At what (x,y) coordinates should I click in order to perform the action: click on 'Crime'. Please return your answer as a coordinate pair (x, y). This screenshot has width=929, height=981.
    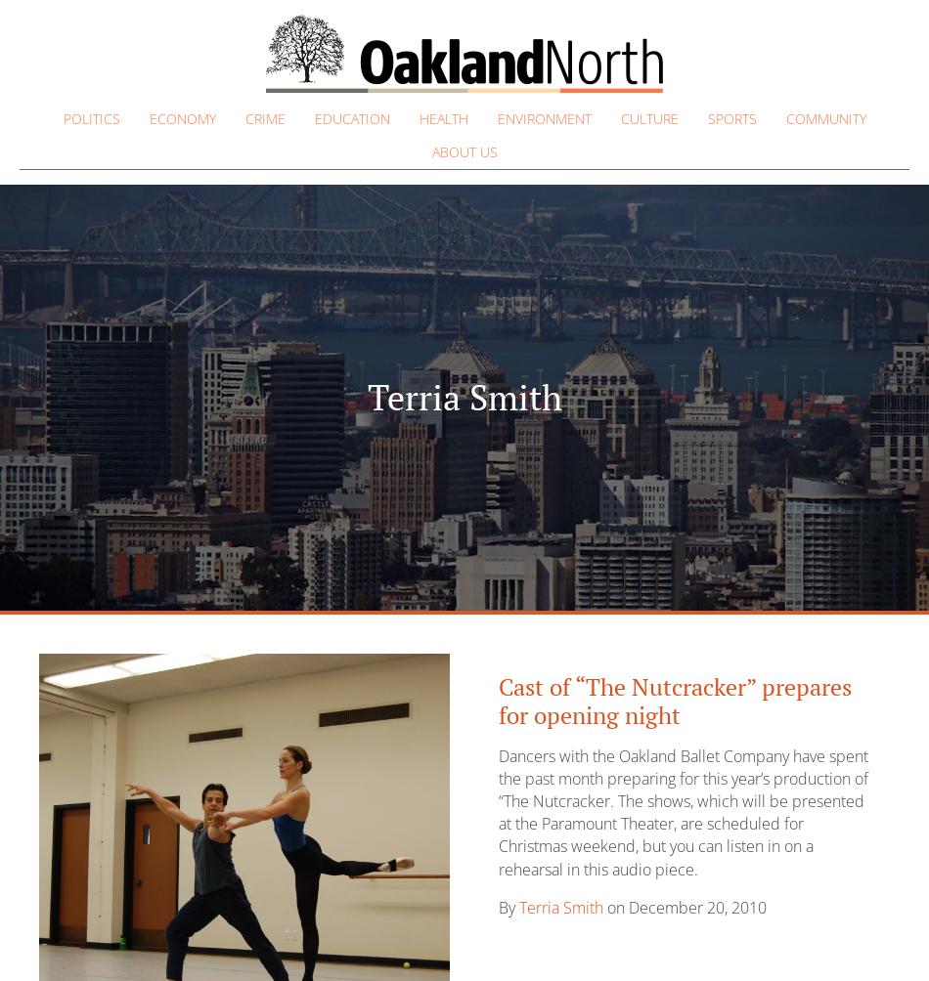
    Looking at the image, I should click on (263, 118).